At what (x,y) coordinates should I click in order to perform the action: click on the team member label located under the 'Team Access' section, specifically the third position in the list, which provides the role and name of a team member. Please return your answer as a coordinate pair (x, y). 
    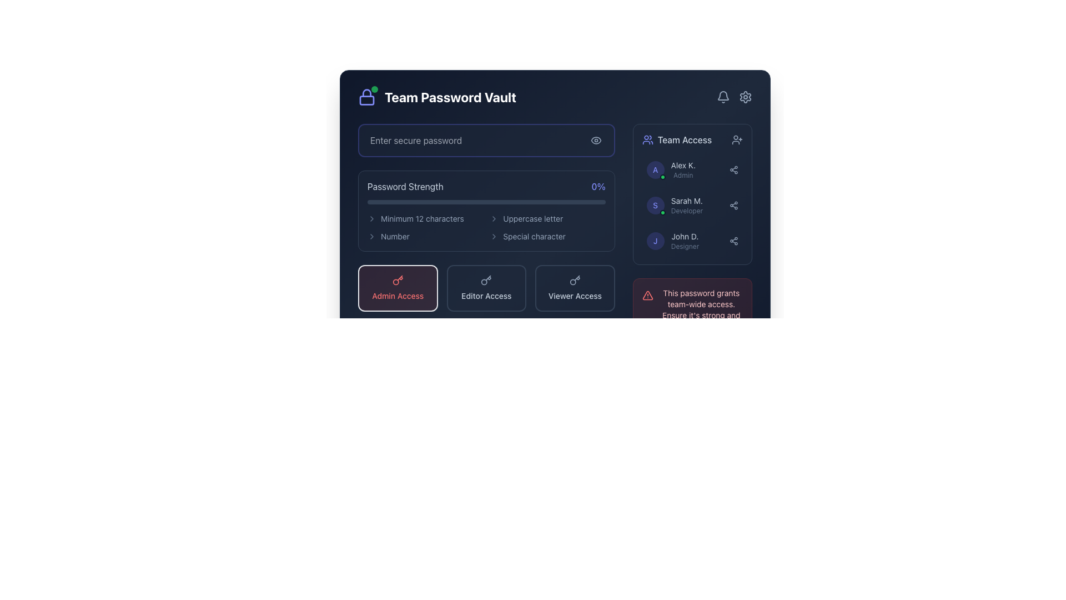
    Looking at the image, I should click on (684, 241).